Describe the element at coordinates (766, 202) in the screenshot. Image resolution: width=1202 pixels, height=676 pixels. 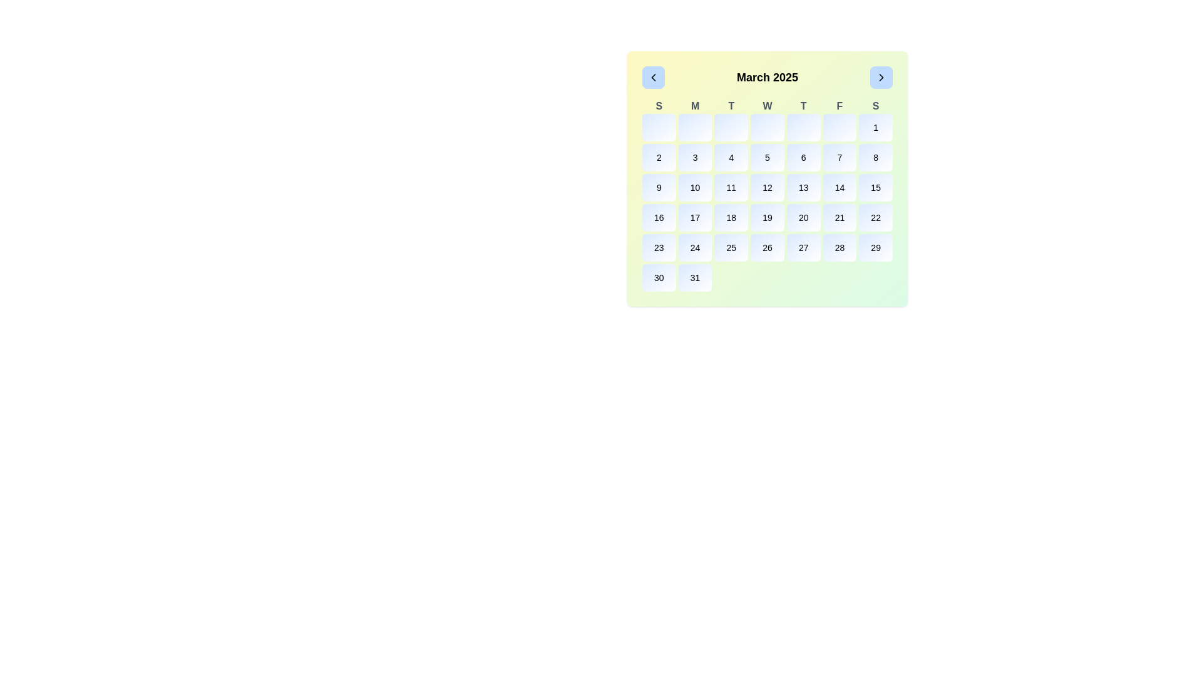
I see `the center of the Interactive grid of buttons in the March 2025 calendar` at that location.